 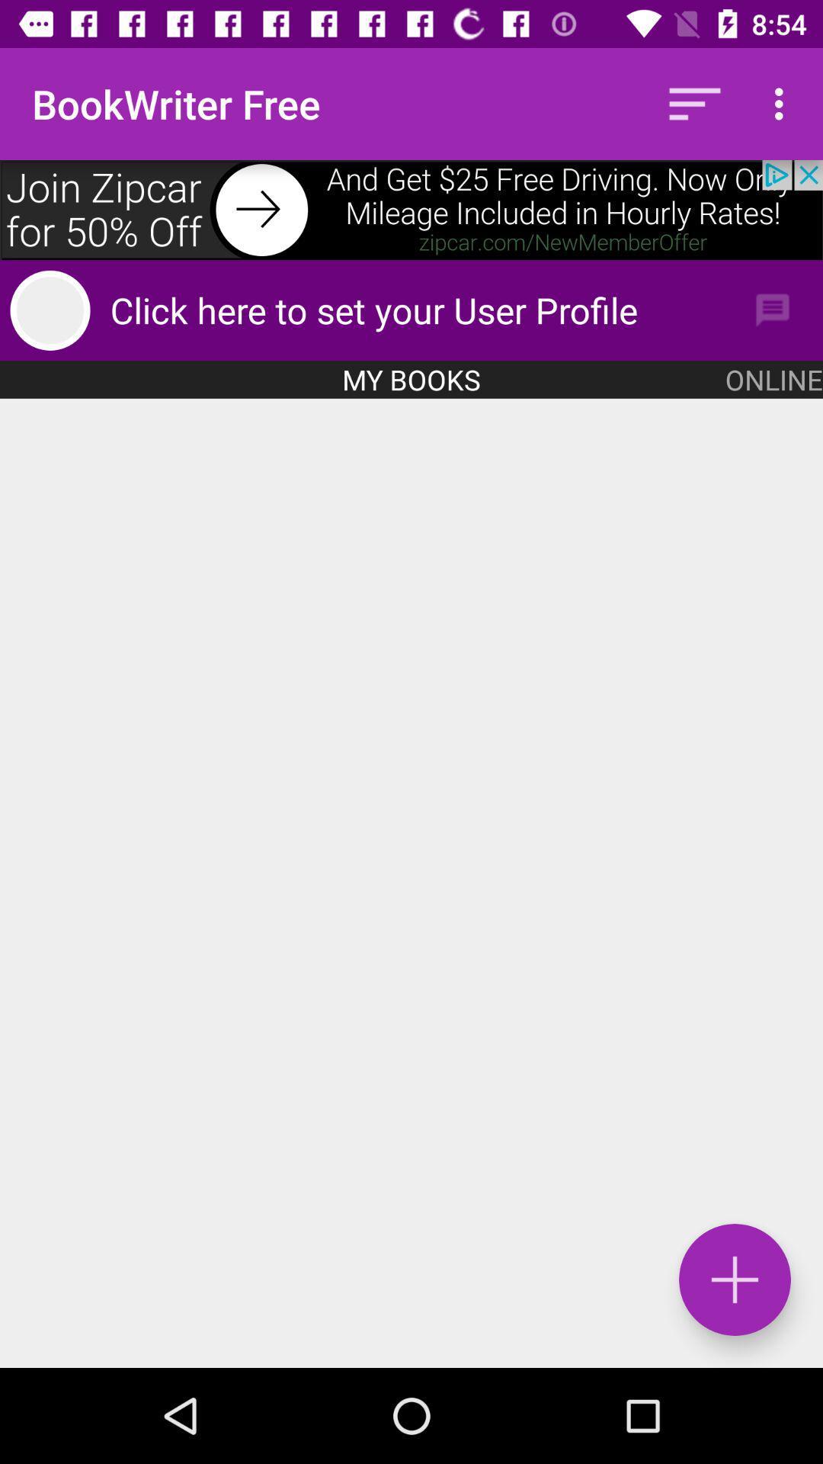 I want to click on advertisement, so click(x=411, y=209).